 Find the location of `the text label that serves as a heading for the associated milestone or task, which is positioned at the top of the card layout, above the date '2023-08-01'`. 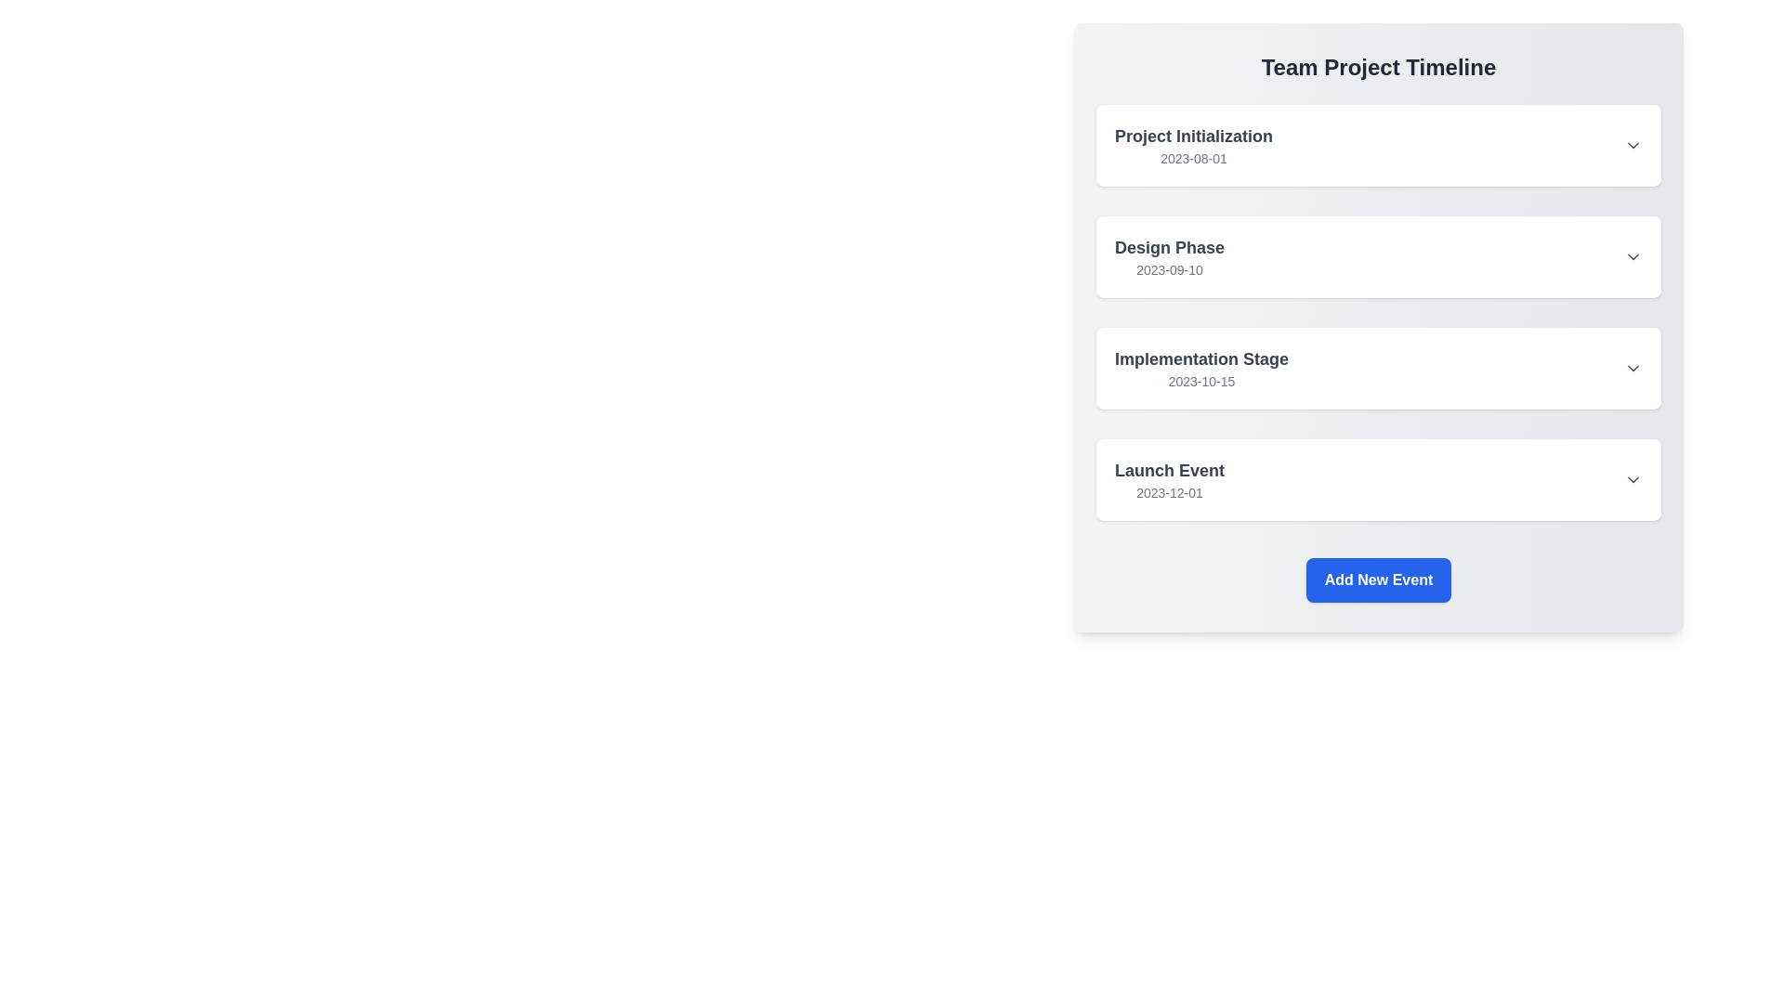

the text label that serves as a heading for the associated milestone or task, which is positioned at the top of the card layout, above the date '2023-08-01' is located at coordinates (1194, 135).